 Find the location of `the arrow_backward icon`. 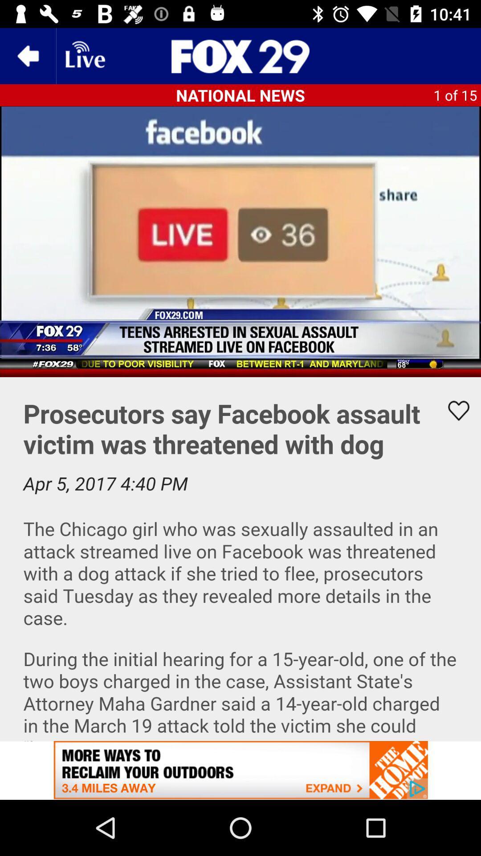

the arrow_backward icon is located at coordinates (27, 55).